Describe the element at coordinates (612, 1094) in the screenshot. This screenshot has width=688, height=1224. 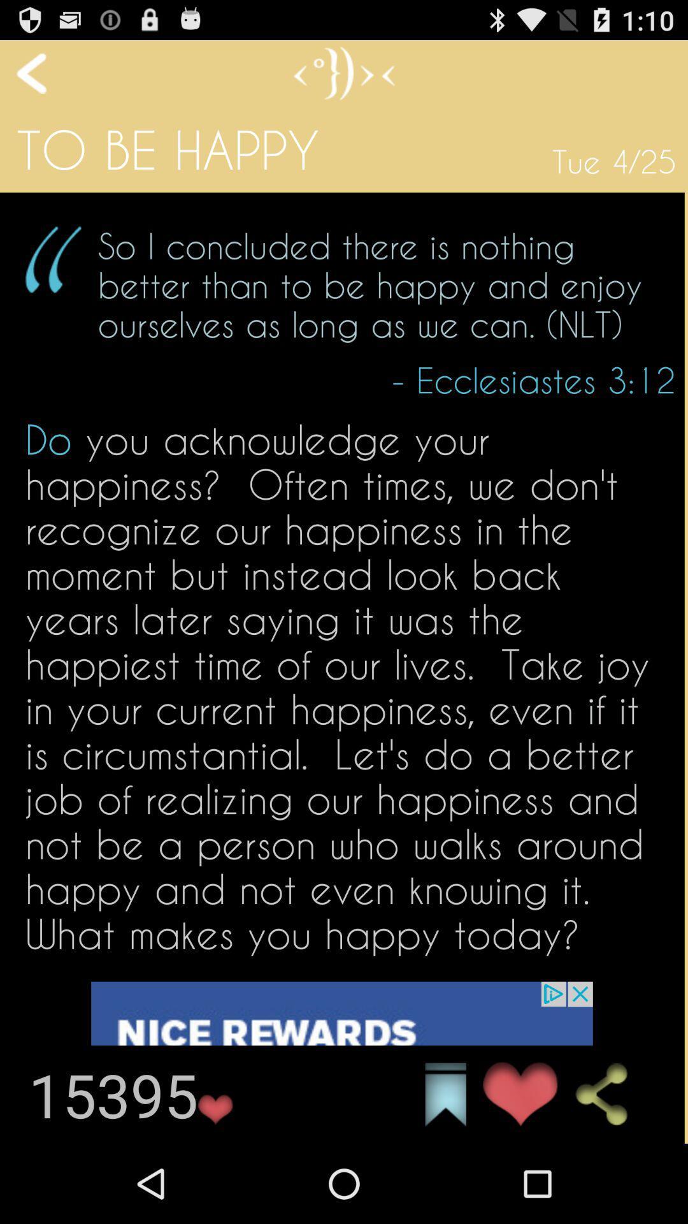
I see `share link` at that location.